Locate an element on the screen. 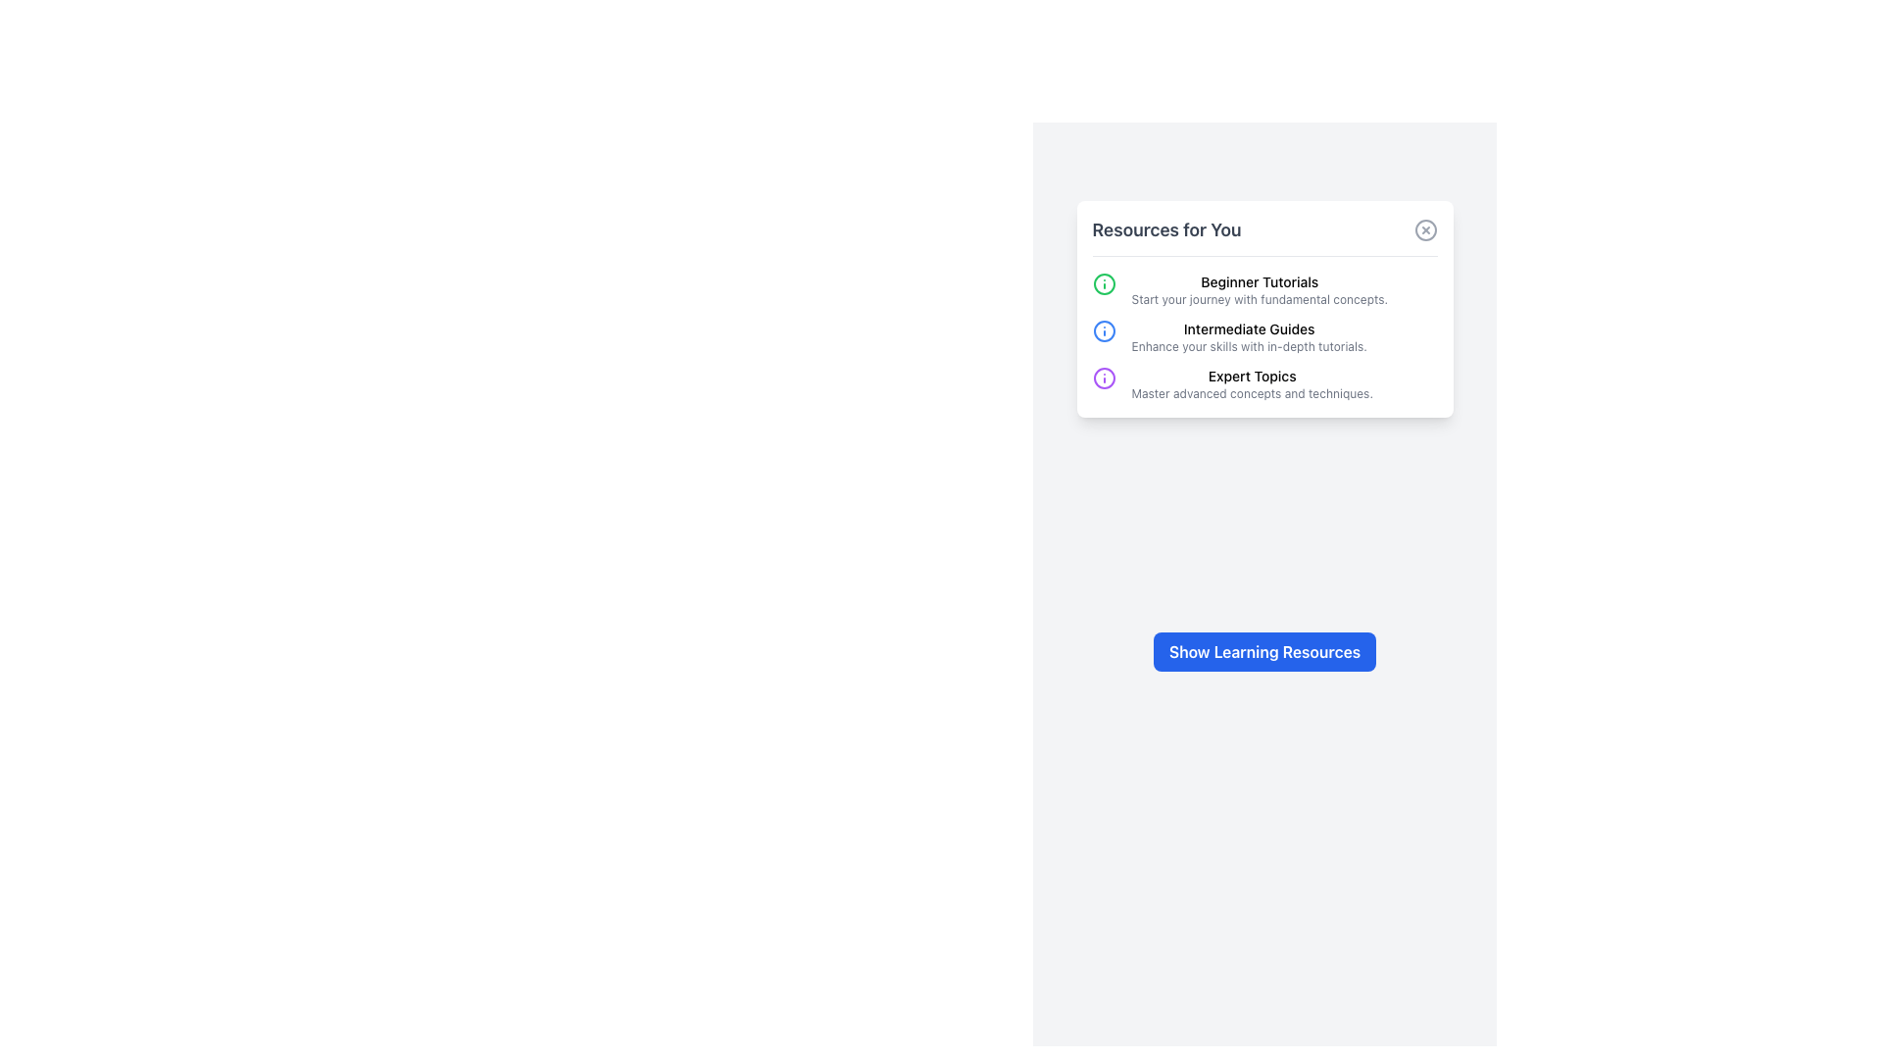  the text block titled 'Intermediate Guides' which contains the description 'Enhance your skills with in-depth tutorials.' is located at coordinates (1248, 335).